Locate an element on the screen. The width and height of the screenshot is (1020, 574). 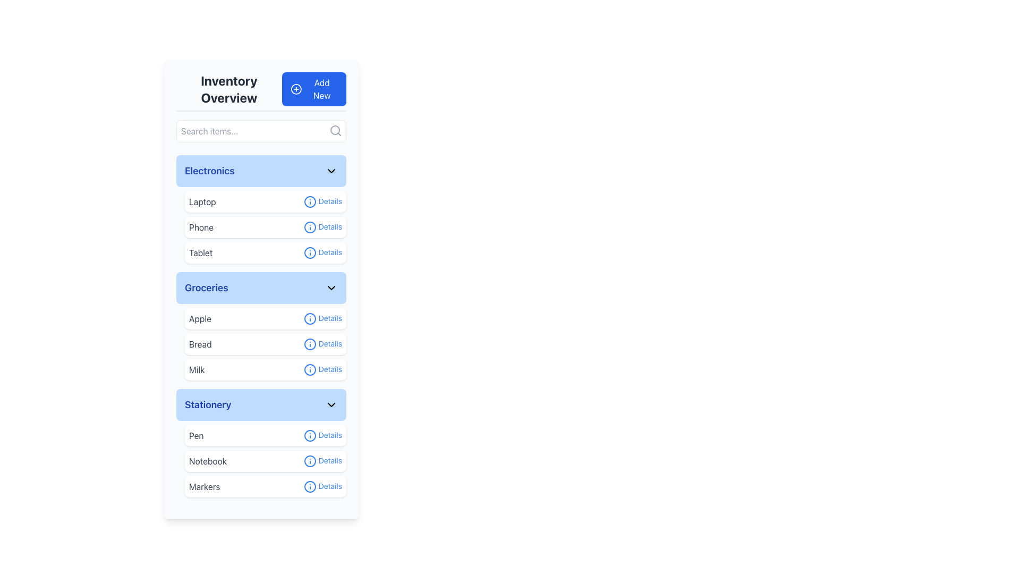
the text label displaying 'Tablet' in the 'Electronics' section, which is the third item in the list is located at coordinates (201, 252).